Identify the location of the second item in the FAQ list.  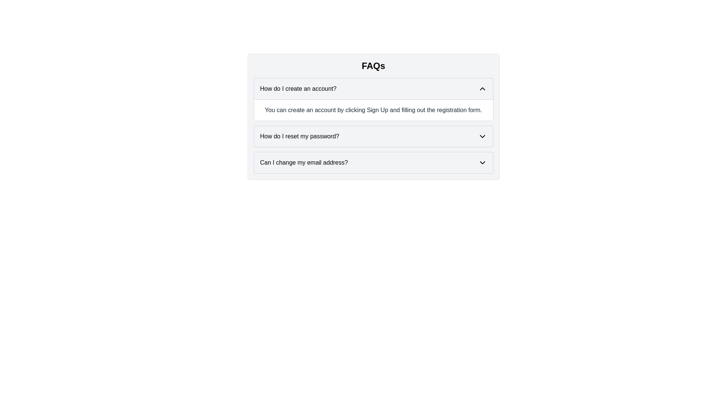
(373, 136).